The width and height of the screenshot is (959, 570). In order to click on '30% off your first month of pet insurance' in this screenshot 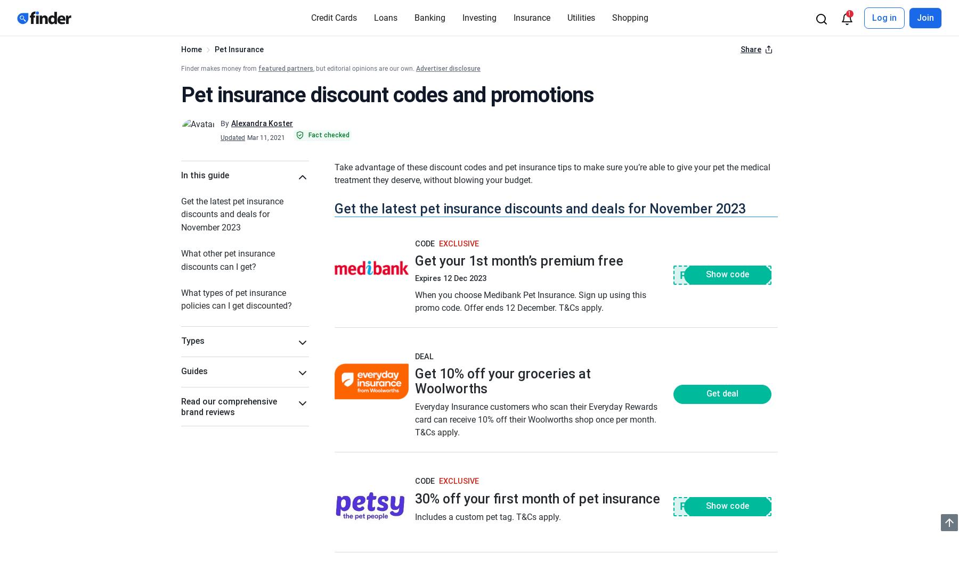, I will do `click(537, 498)`.